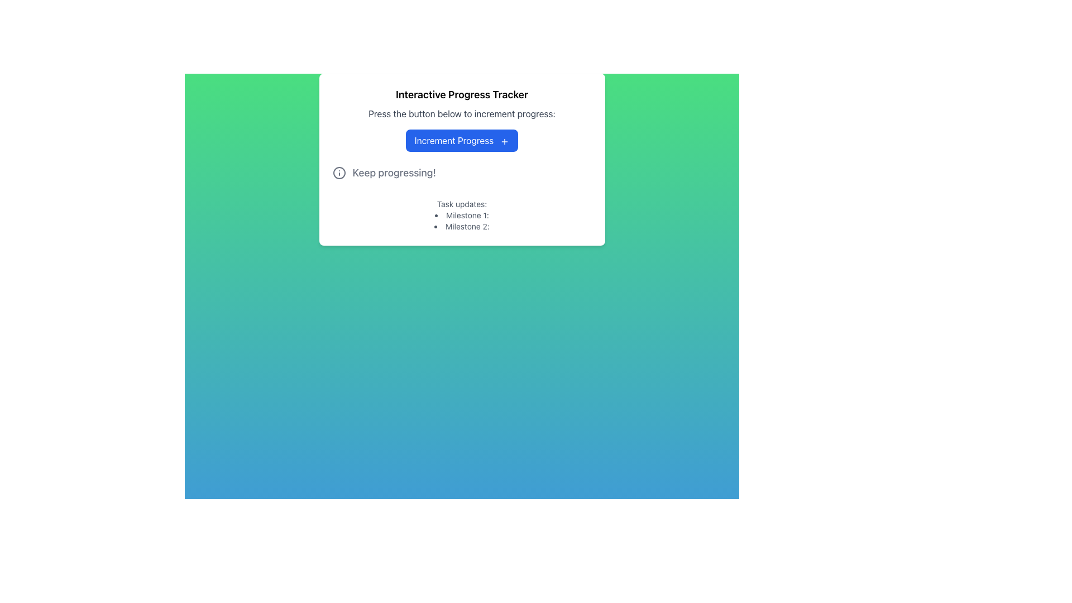  Describe the element at coordinates (462, 226) in the screenshot. I see `the text label 'Milestone 2:' which is styled in dark gray and is the second item in a vertical list below 'Milestone 1:'` at that location.